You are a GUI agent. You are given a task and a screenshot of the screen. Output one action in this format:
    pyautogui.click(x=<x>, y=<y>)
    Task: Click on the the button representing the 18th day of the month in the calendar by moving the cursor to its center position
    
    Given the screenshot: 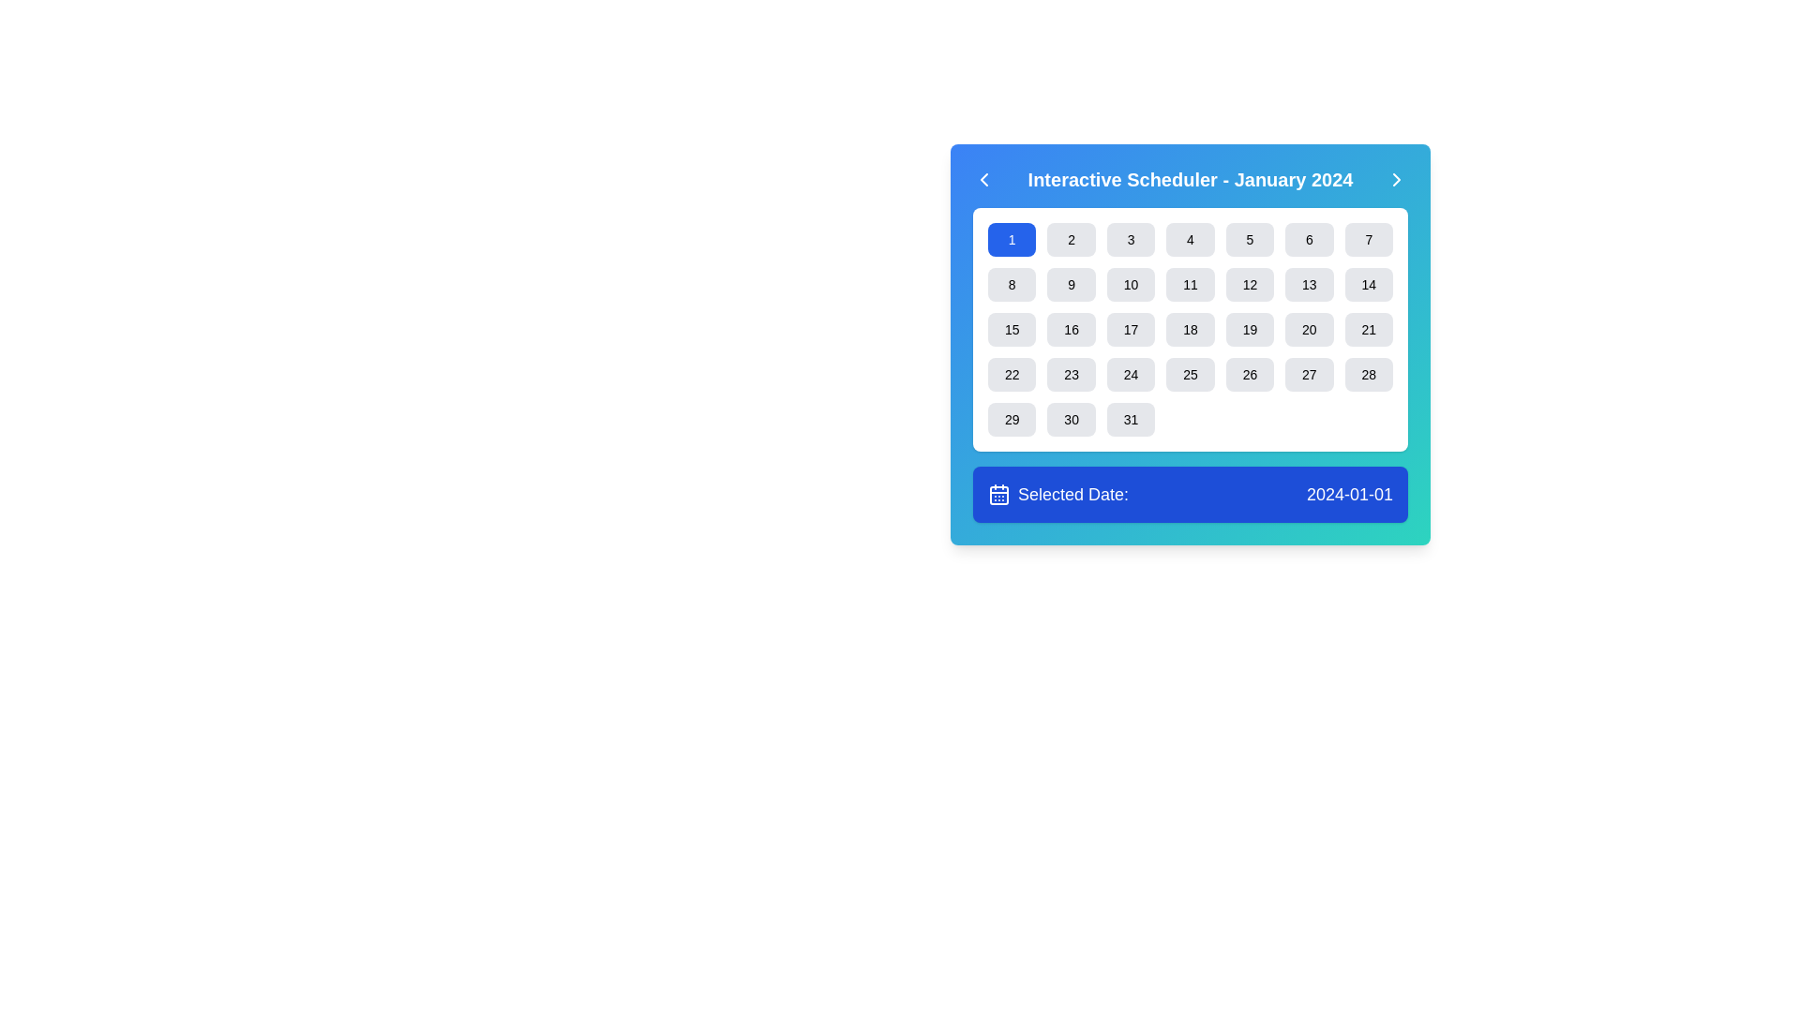 What is the action you would take?
    pyautogui.click(x=1190, y=328)
    